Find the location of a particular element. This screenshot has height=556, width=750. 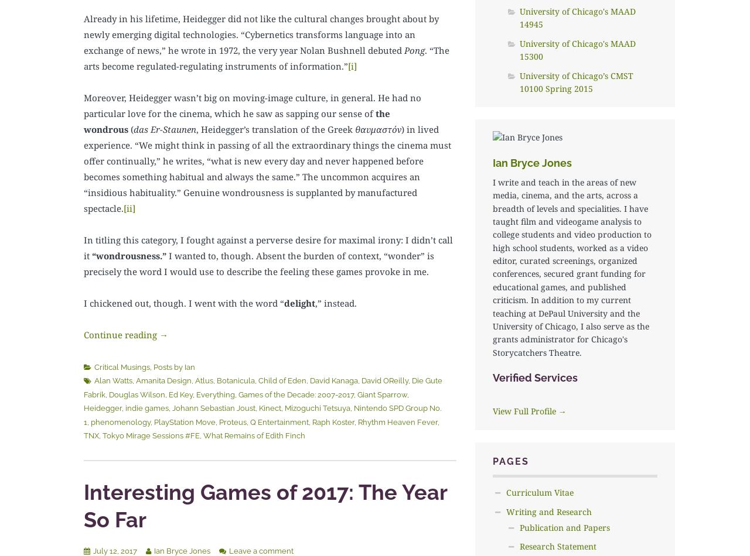

'Research Statement' is located at coordinates (557, 545).